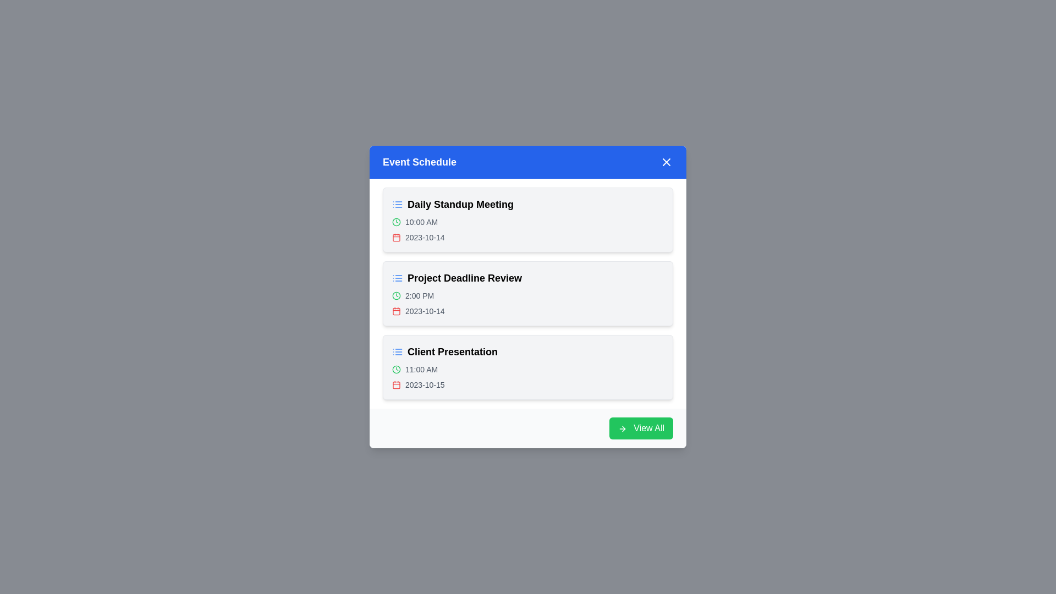 This screenshot has height=594, width=1056. I want to click on the Time display indicating the scheduled time for the 'Daily Standup Meeting' event, which is located within the event card below the title and above the date '2023-10-14', so click(528, 222).